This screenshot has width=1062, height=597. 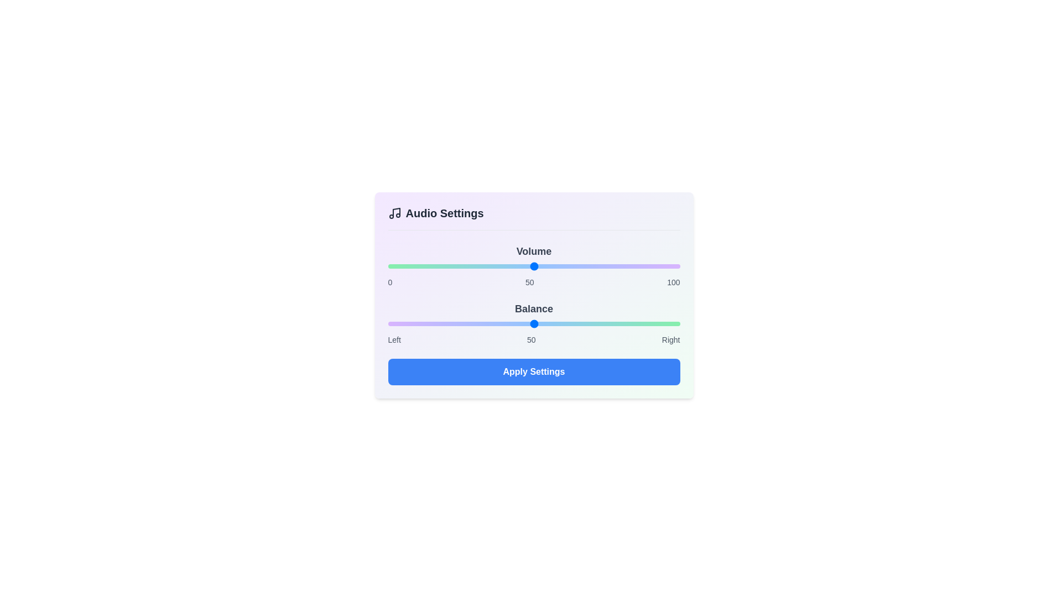 I want to click on text displayed on the text label indicating balance settings, which shows 'Left', '50', and 'Right' below the balance progress bar, so click(x=534, y=339).